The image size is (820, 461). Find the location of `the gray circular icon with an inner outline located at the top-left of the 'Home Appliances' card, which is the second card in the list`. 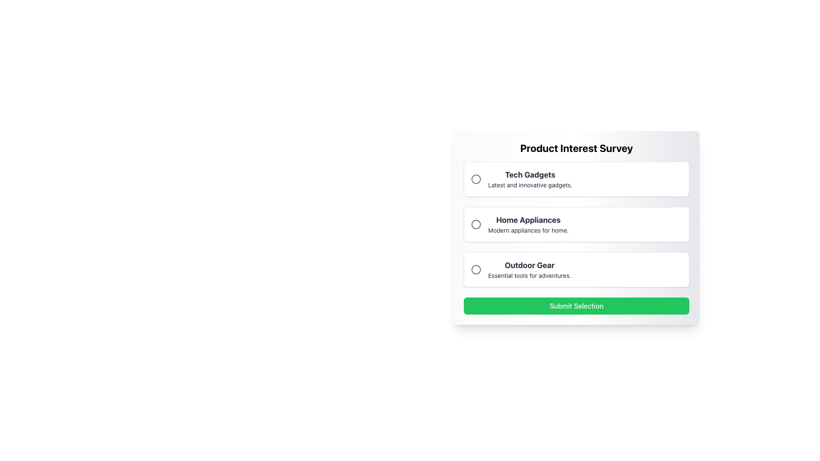

the gray circular icon with an inner outline located at the top-left of the 'Home Appliances' card, which is the second card in the list is located at coordinates (475, 224).